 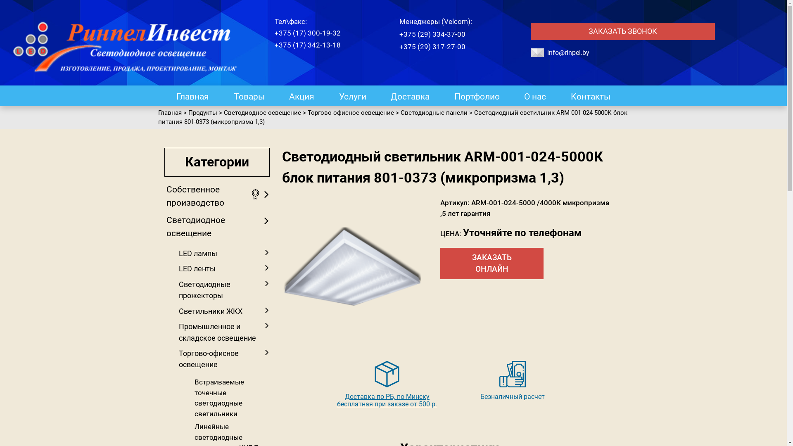 What do you see at coordinates (432, 46) in the screenshot?
I see `'+375 (29) 317-27-00'` at bounding box center [432, 46].